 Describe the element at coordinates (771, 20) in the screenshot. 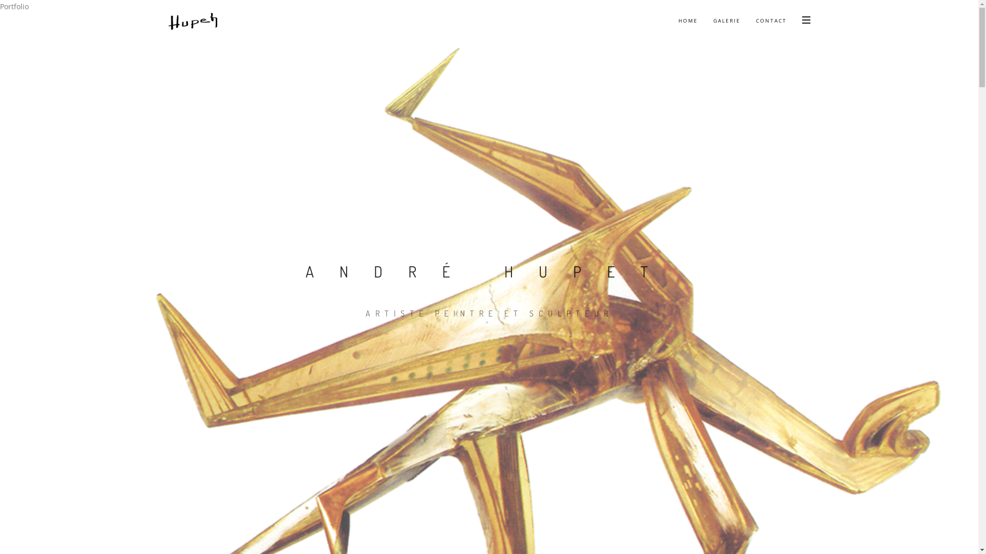

I see `'CONTACT'` at that location.